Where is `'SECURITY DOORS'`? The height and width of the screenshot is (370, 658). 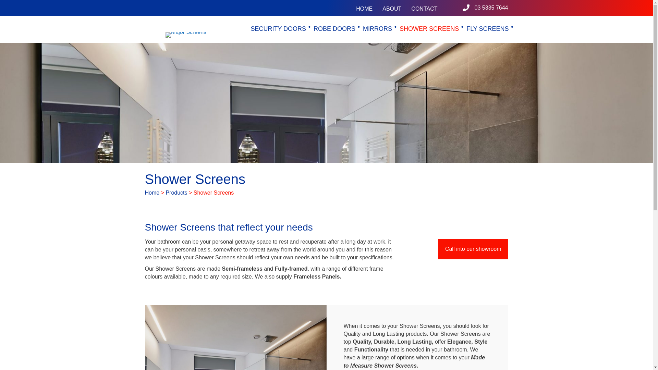 'SECURITY DOORS' is located at coordinates (278, 28).